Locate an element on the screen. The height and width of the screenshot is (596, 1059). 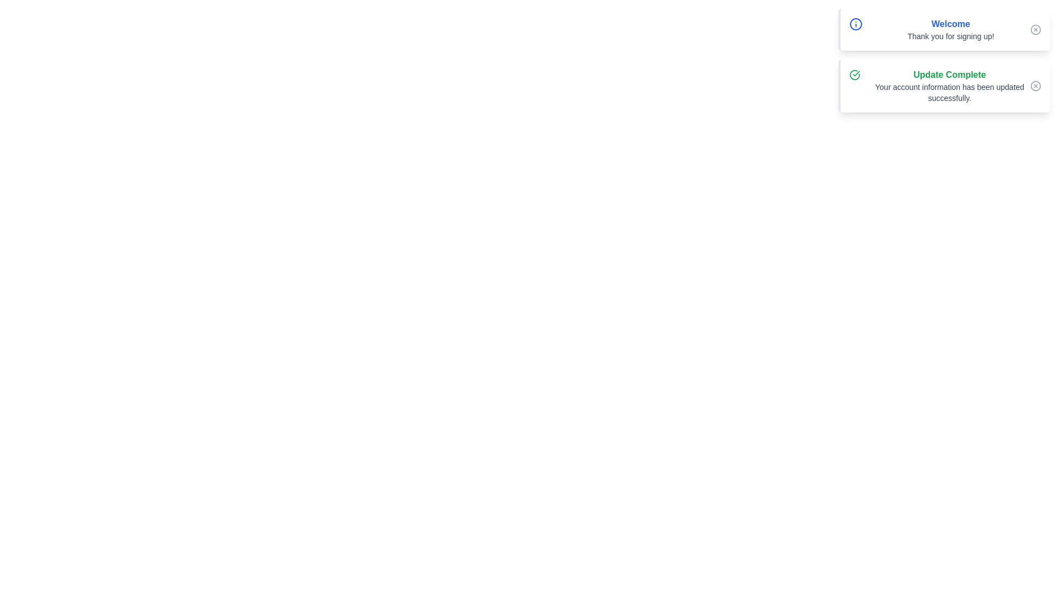
the blue circular outline icon located at the top-left corner of the first notification panel, which is centered above a stylized checkmark icon is located at coordinates (855, 24).